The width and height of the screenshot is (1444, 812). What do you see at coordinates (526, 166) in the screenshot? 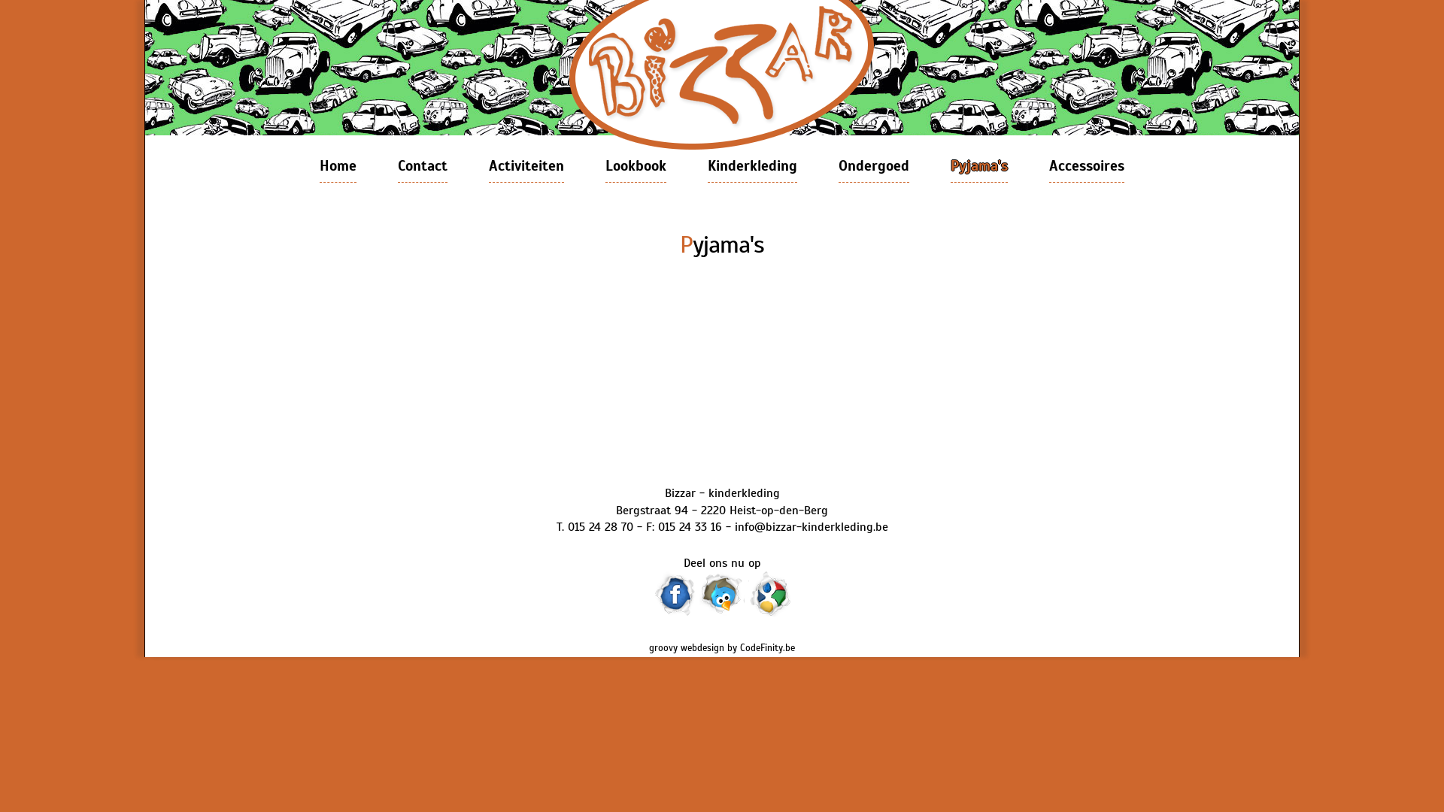
I see `'Activiteiten'` at bounding box center [526, 166].